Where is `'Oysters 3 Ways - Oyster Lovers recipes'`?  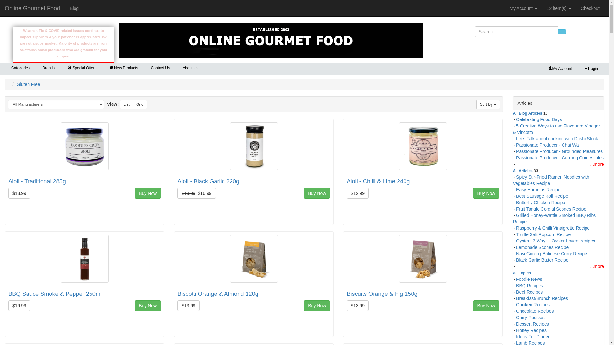 'Oysters 3 Ways - Oyster Lovers recipes' is located at coordinates (555, 240).